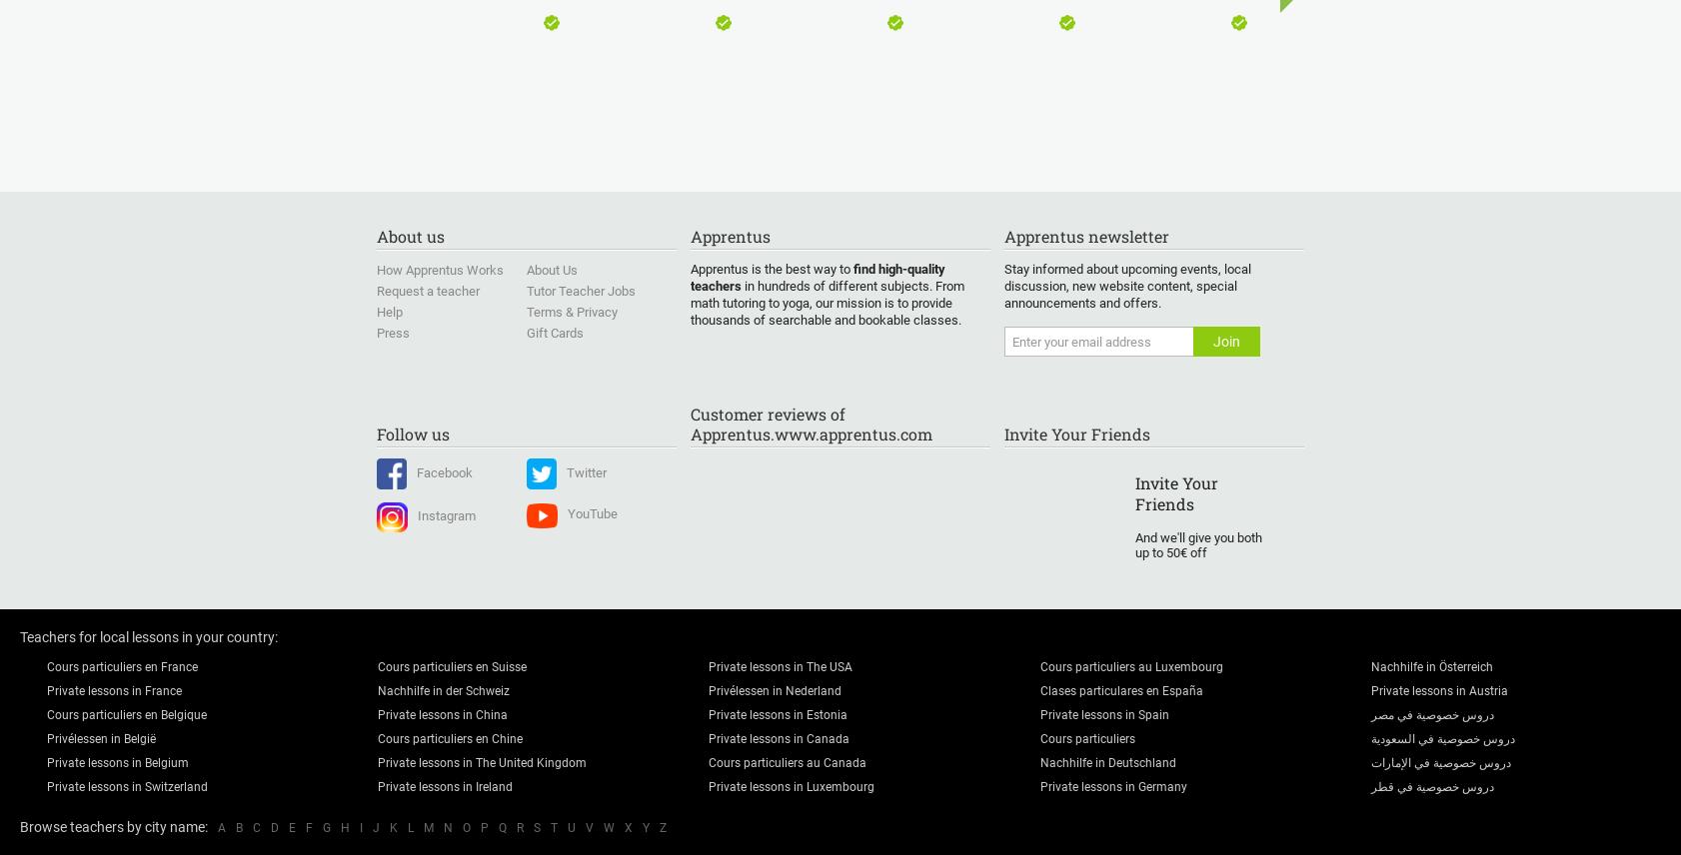 The width and height of the screenshot is (1681, 855). Describe the element at coordinates (502, 827) in the screenshot. I see `'Q'` at that location.